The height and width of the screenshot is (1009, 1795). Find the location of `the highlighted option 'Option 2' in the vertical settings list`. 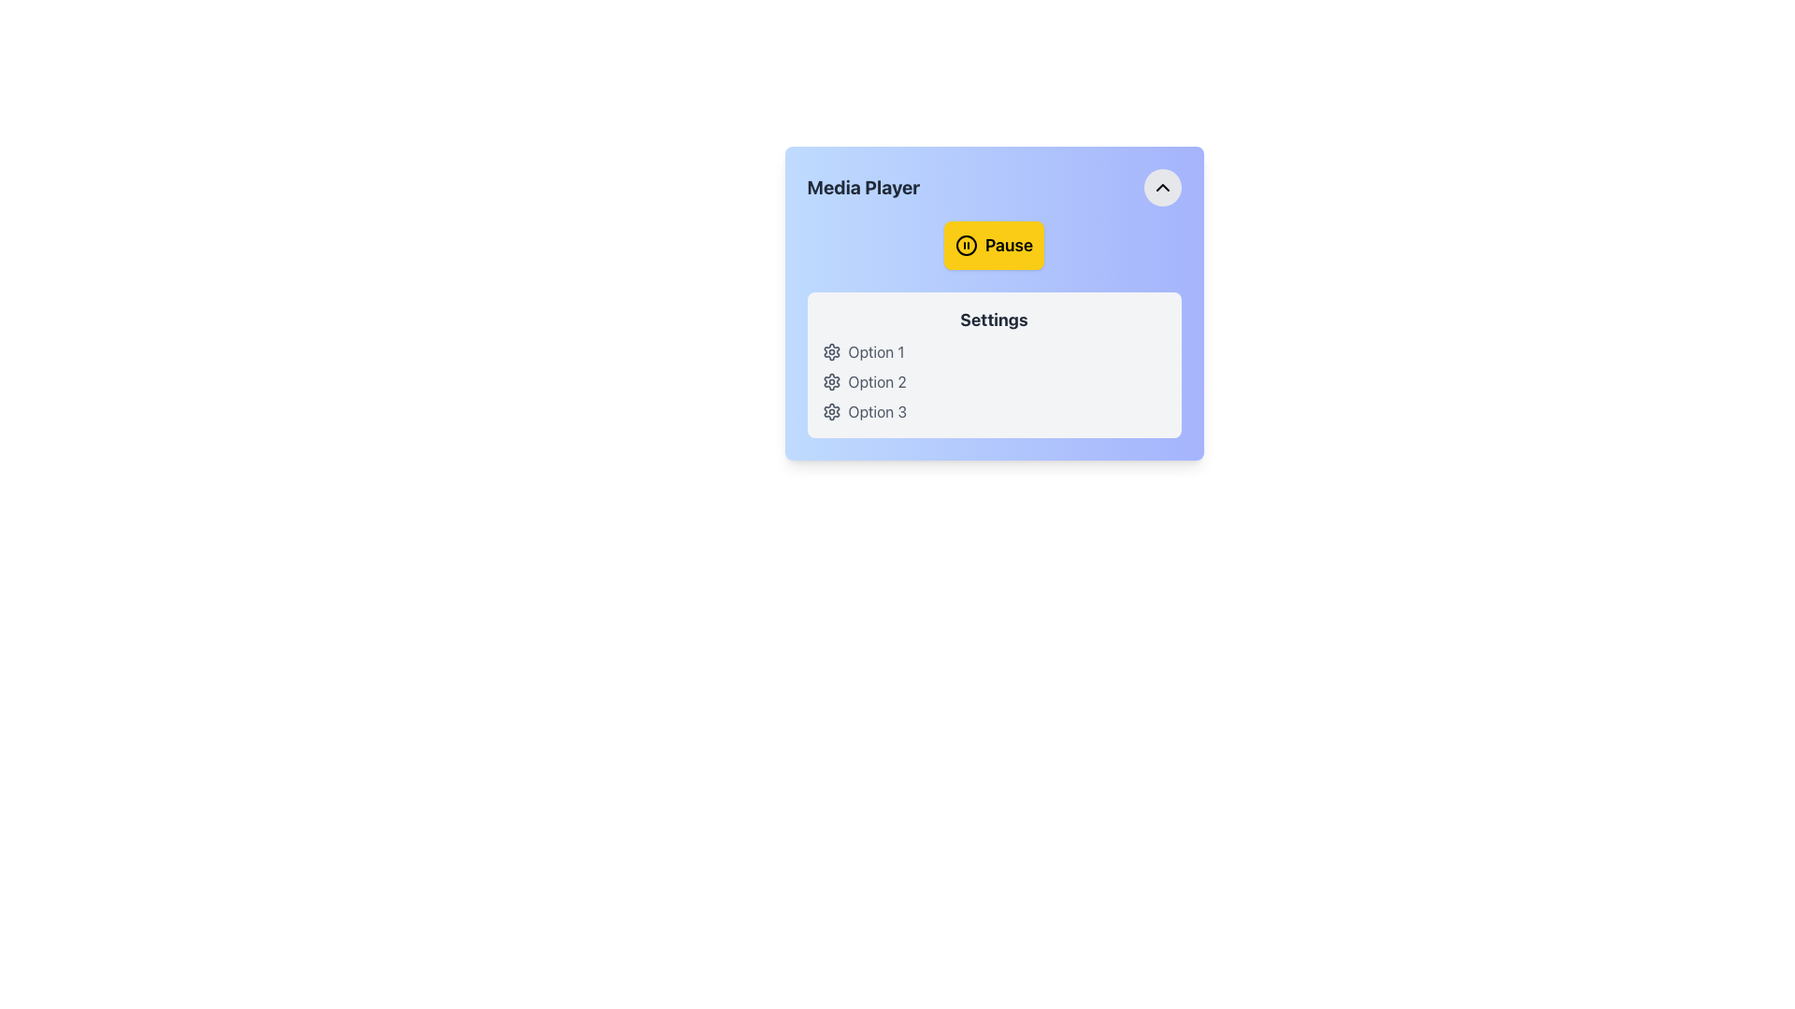

the highlighted option 'Option 2' in the vertical settings list is located at coordinates (993, 380).